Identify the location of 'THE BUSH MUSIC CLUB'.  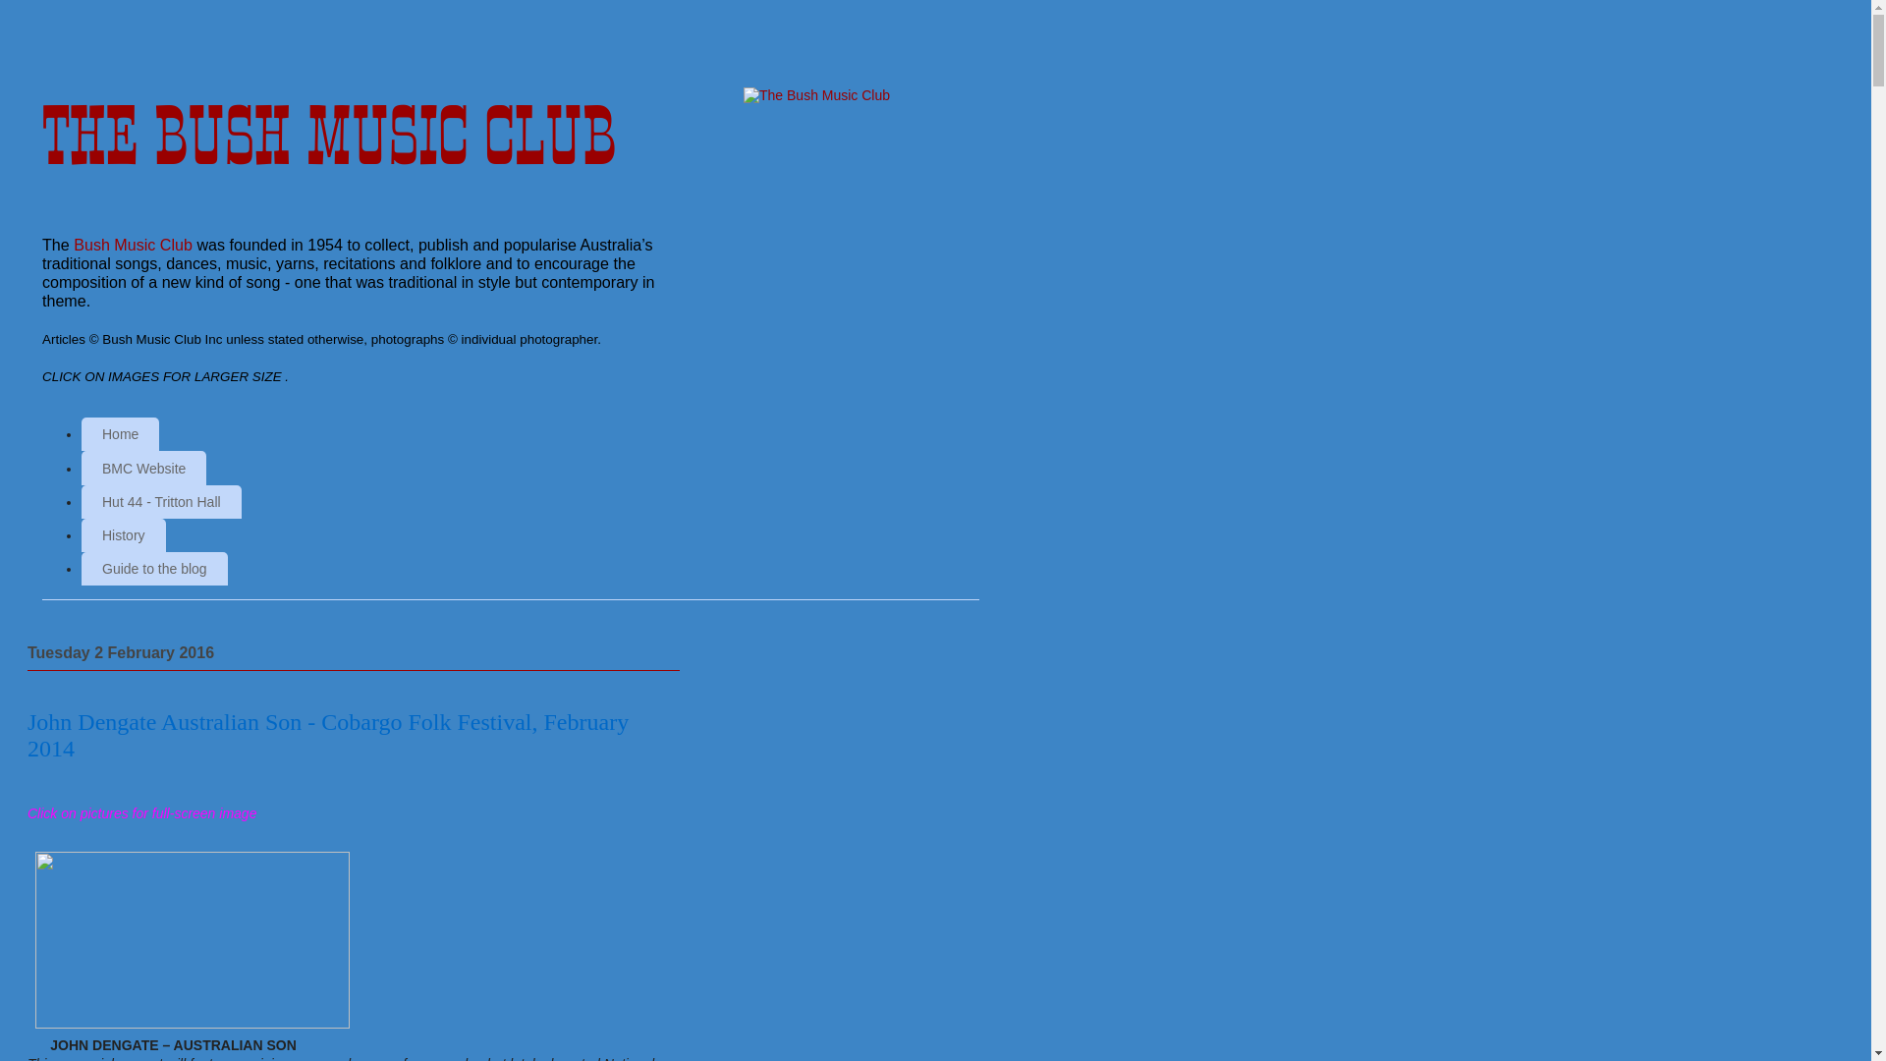
(329, 135).